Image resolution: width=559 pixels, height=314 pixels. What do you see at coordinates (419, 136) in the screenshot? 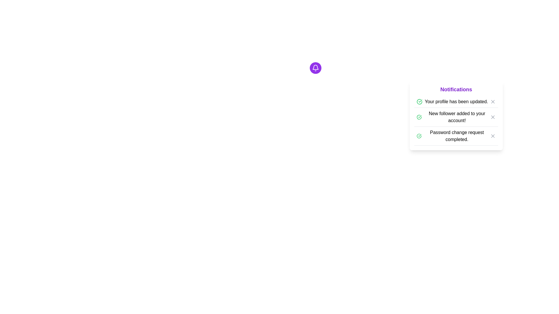
I see `the circular checkmark icon with a green stroke that indicates success, located to the left of the 'Password change request completed' notification label` at bounding box center [419, 136].